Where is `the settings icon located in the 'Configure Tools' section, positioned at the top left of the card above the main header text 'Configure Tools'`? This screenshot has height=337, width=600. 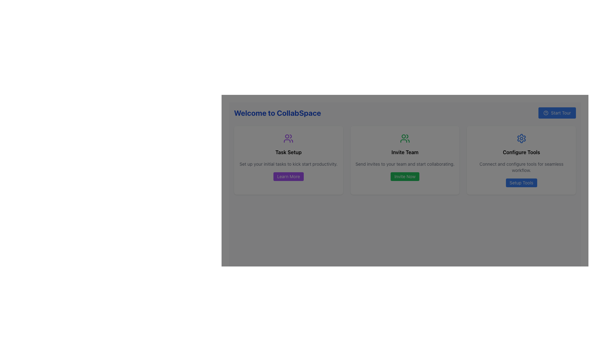 the settings icon located in the 'Configure Tools' section, positioned at the top left of the card above the main header text 'Configure Tools' is located at coordinates (521, 138).